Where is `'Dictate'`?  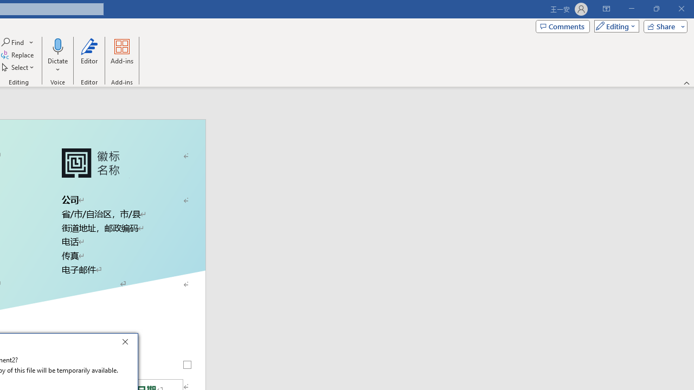 'Dictate' is located at coordinates (57, 56).